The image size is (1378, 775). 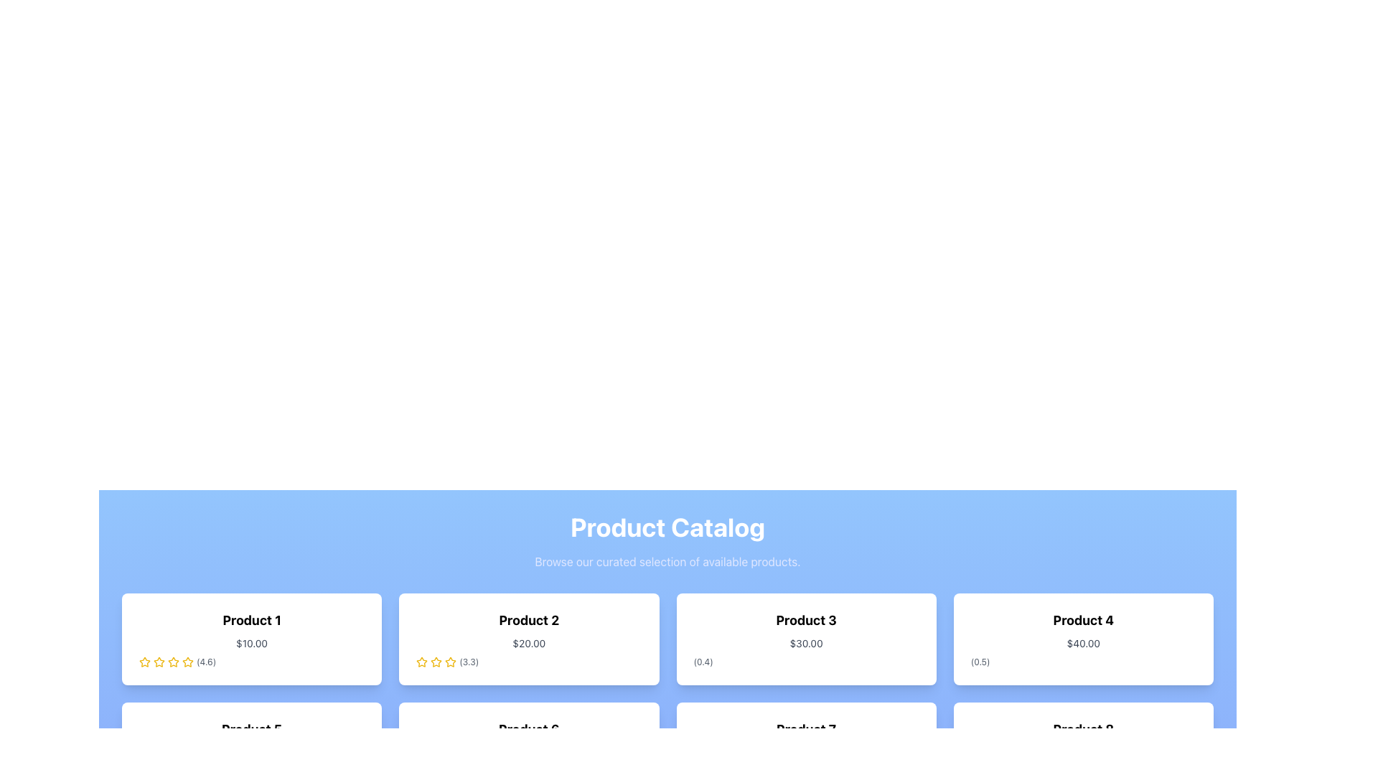 What do you see at coordinates (806, 643) in the screenshot?
I see `the static text label displaying the price '$30.00', which is positioned under 'Product 3' and above the rating '(0.4)', located in the third column of the product catalog grid` at bounding box center [806, 643].